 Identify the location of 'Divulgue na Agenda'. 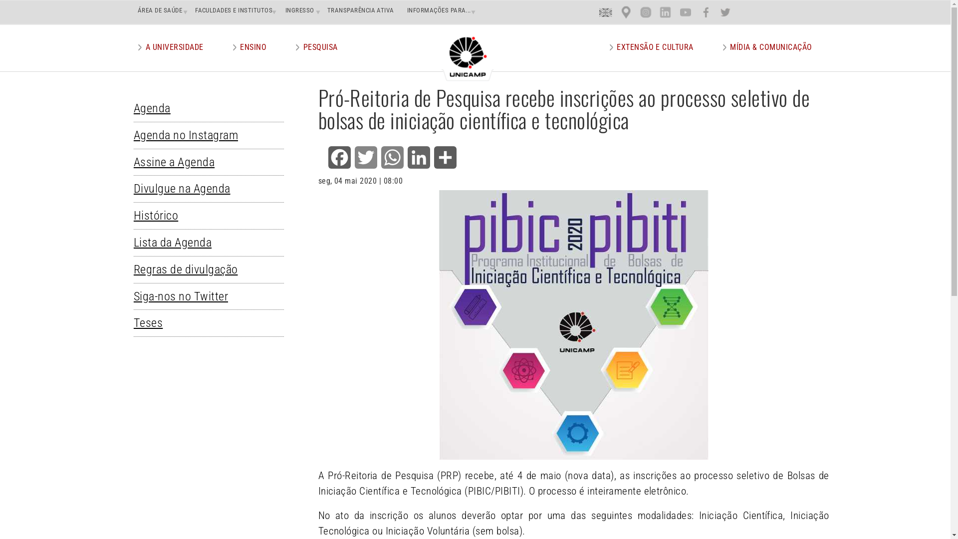
(187, 189).